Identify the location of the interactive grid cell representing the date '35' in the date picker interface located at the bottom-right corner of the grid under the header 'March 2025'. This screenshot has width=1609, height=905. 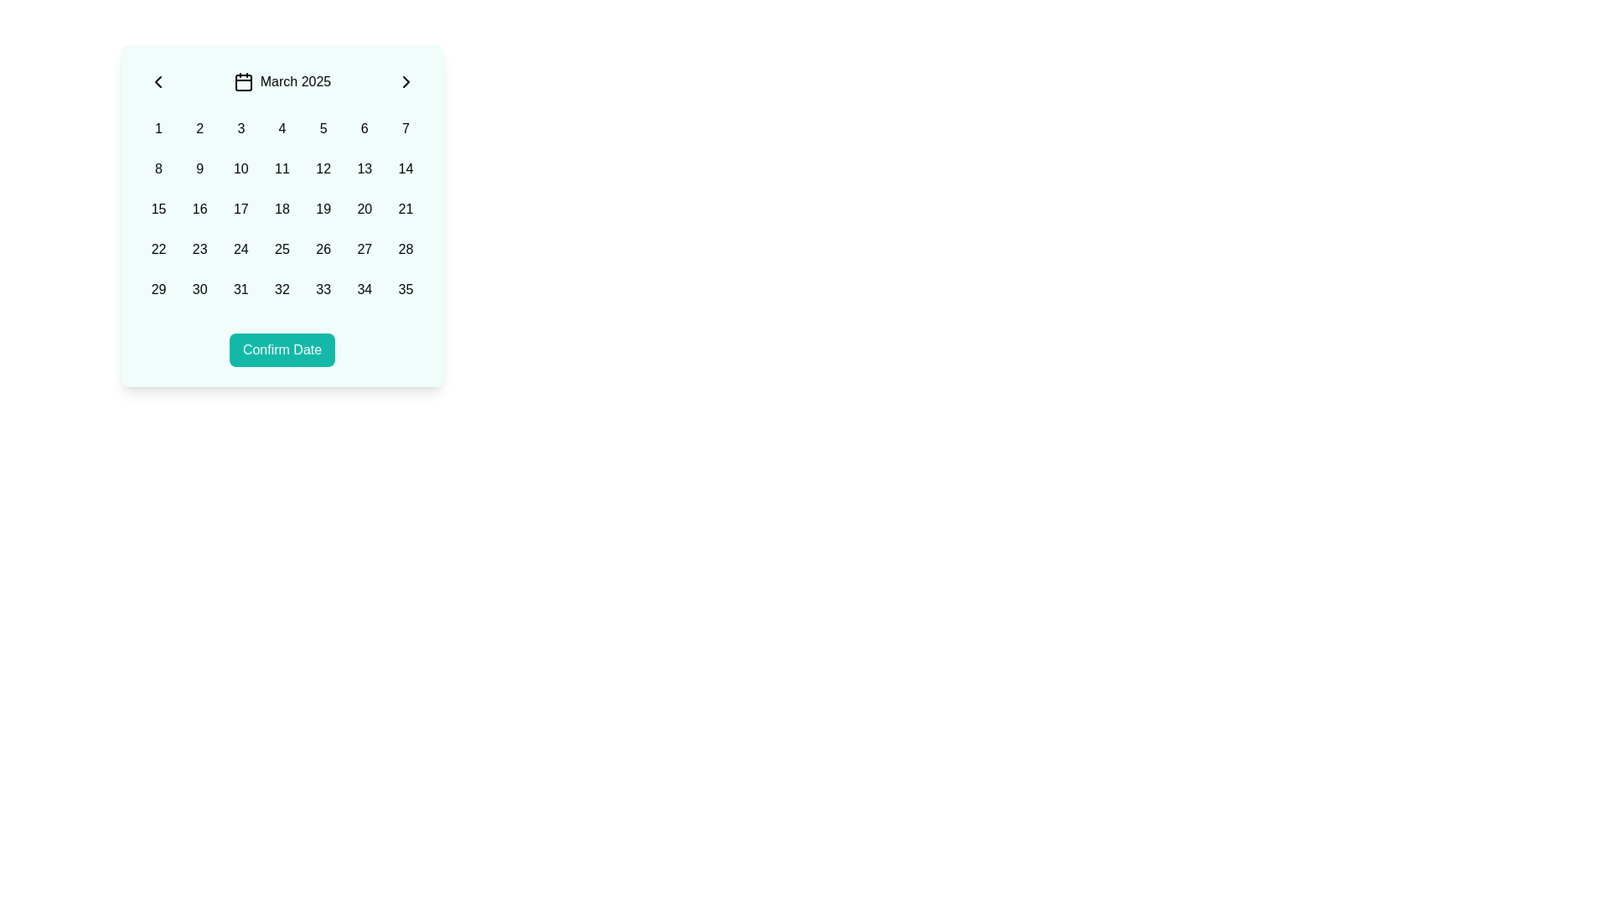
(406, 289).